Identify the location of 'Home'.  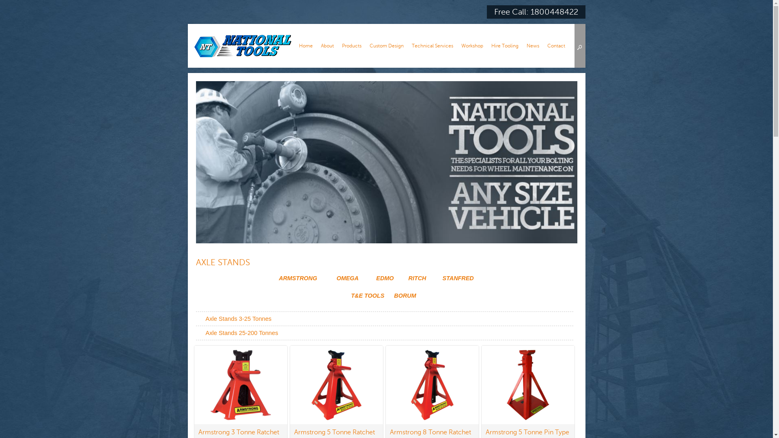
(305, 45).